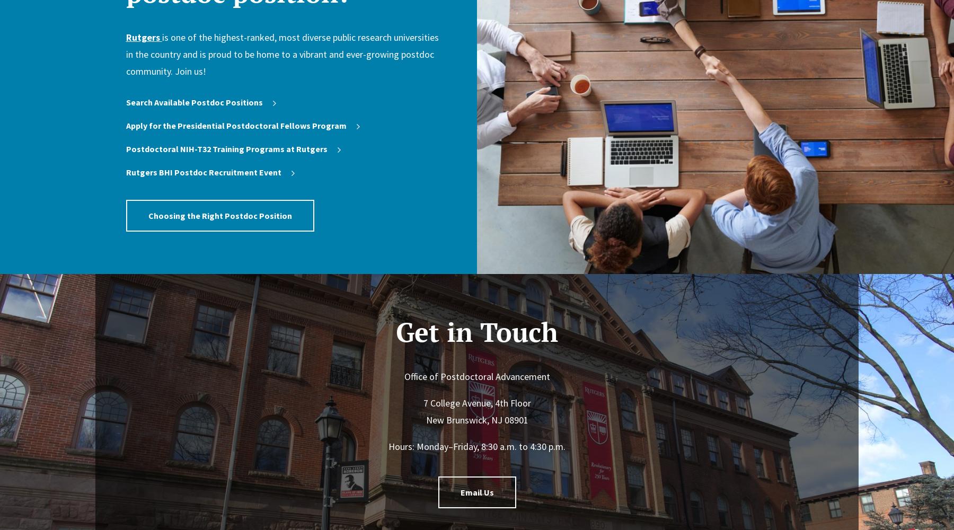  Describe the element at coordinates (193, 102) in the screenshot. I see `'Search Available Postdoc Positions'` at that location.